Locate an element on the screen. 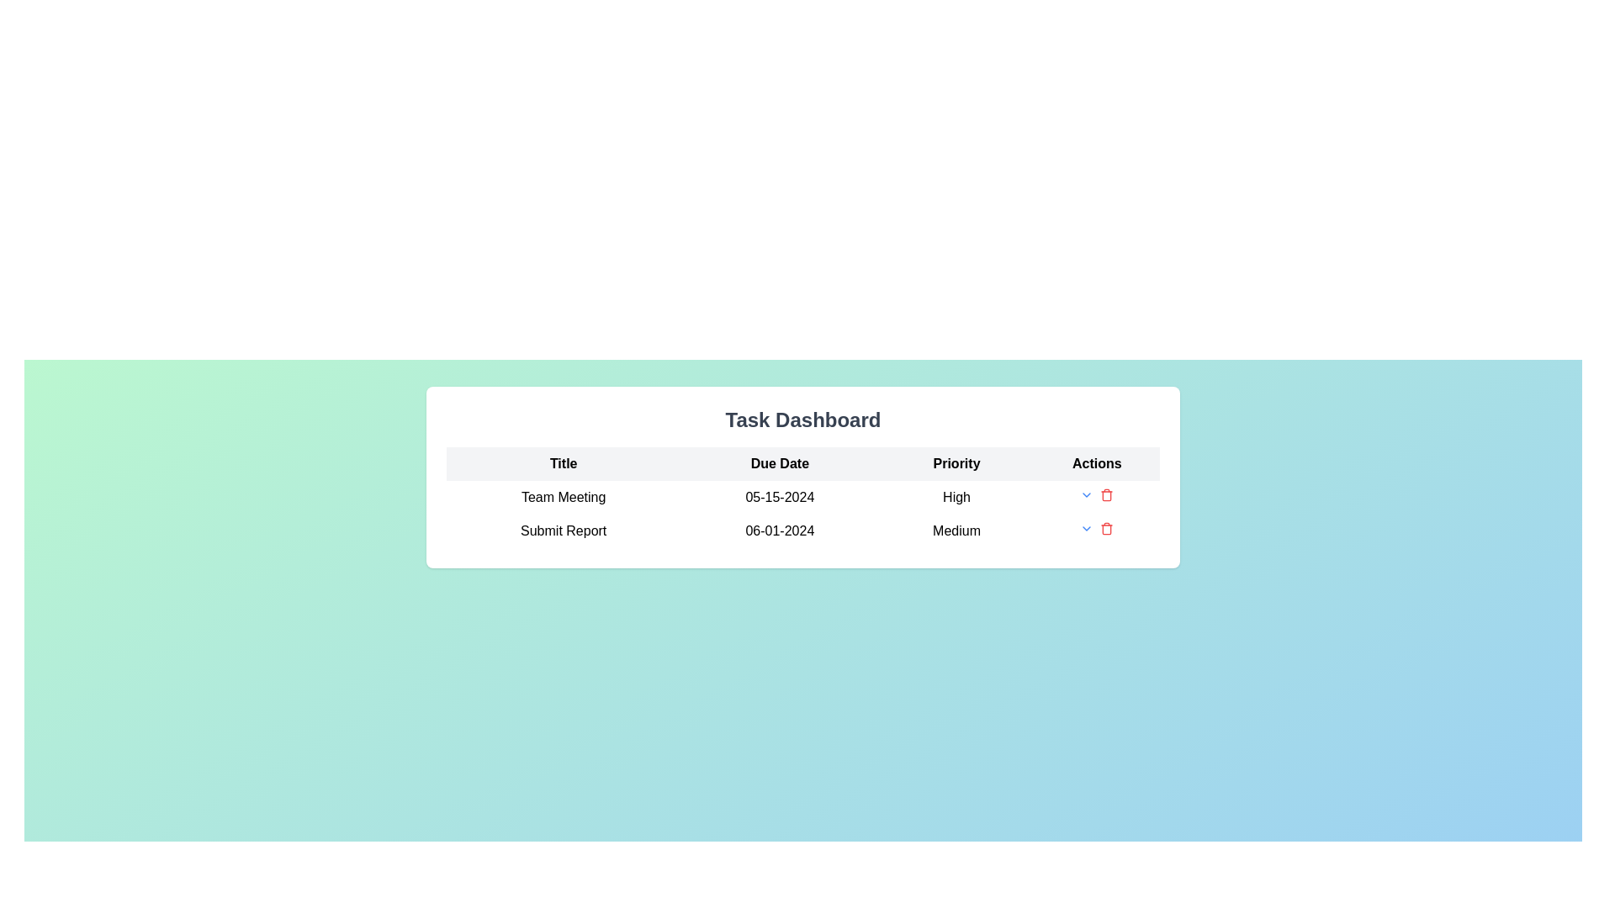 This screenshot has height=908, width=1615. text label displaying 'High' in black font, which is centered in the 'Priority' column of the 'Team Meeting' row is located at coordinates (956, 496).